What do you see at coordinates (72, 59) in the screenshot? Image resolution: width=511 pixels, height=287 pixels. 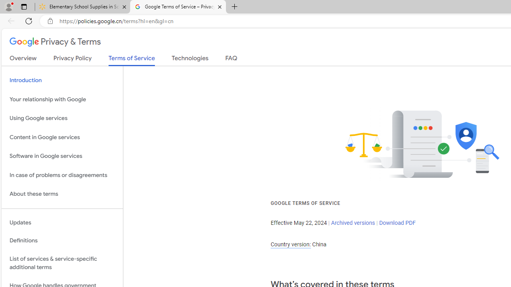 I see `'Privacy Policy'` at bounding box center [72, 59].